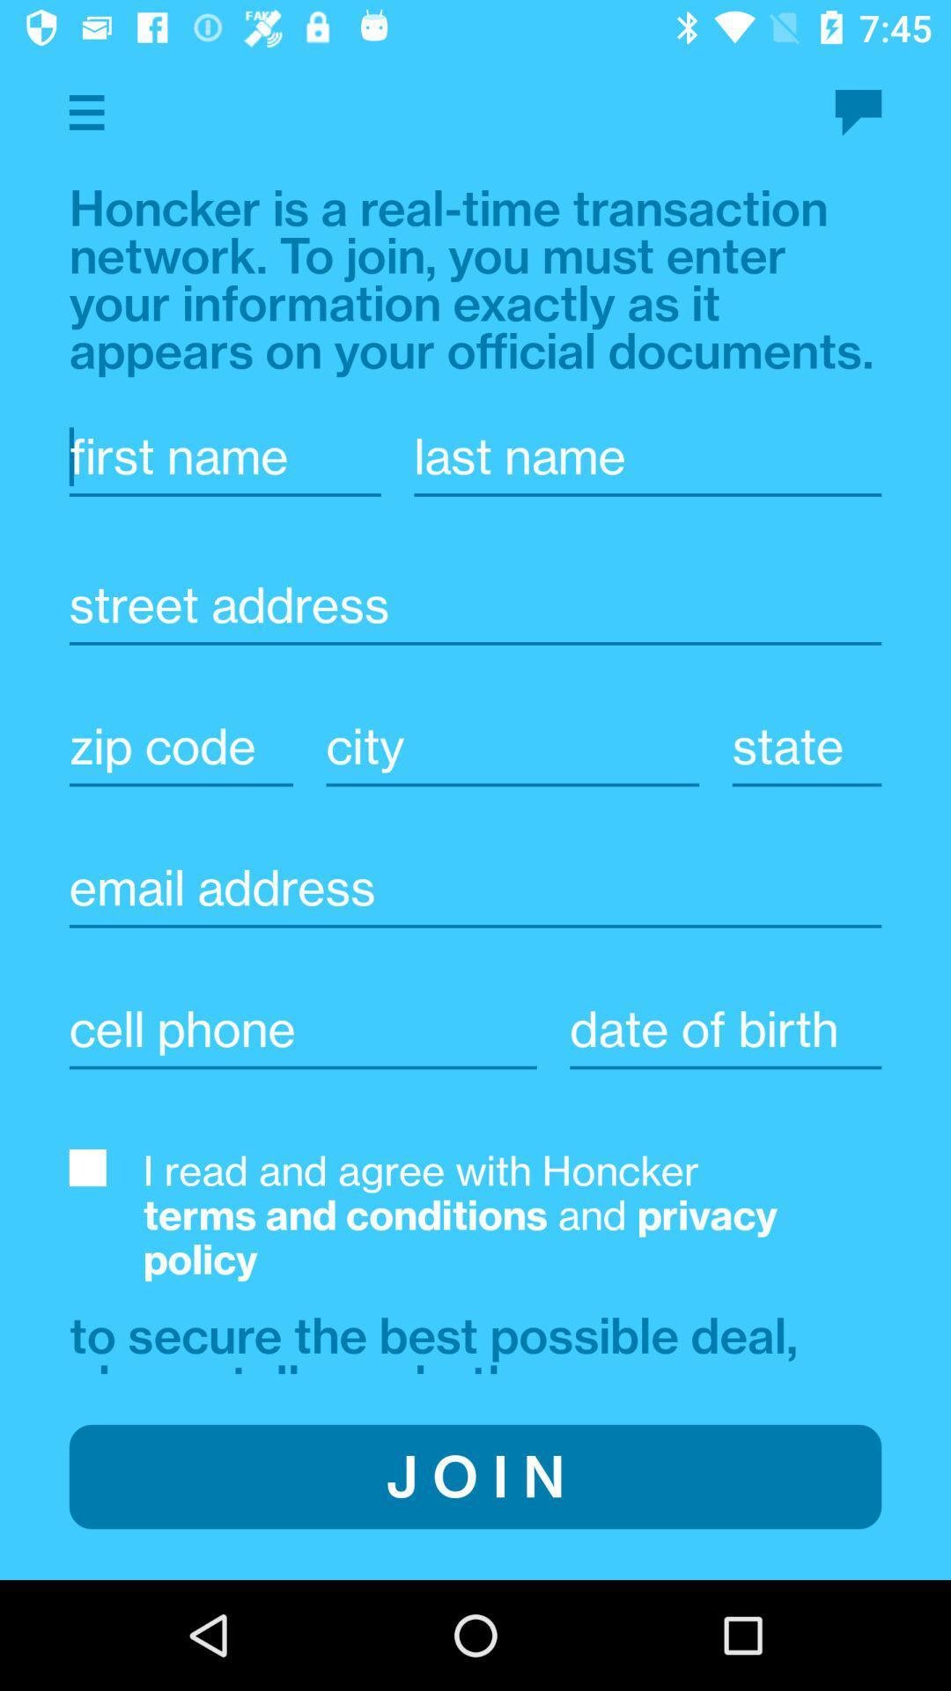  Describe the element at coordinates (440, 1339) in the screenshot. I see `the to secure the item` at that location.